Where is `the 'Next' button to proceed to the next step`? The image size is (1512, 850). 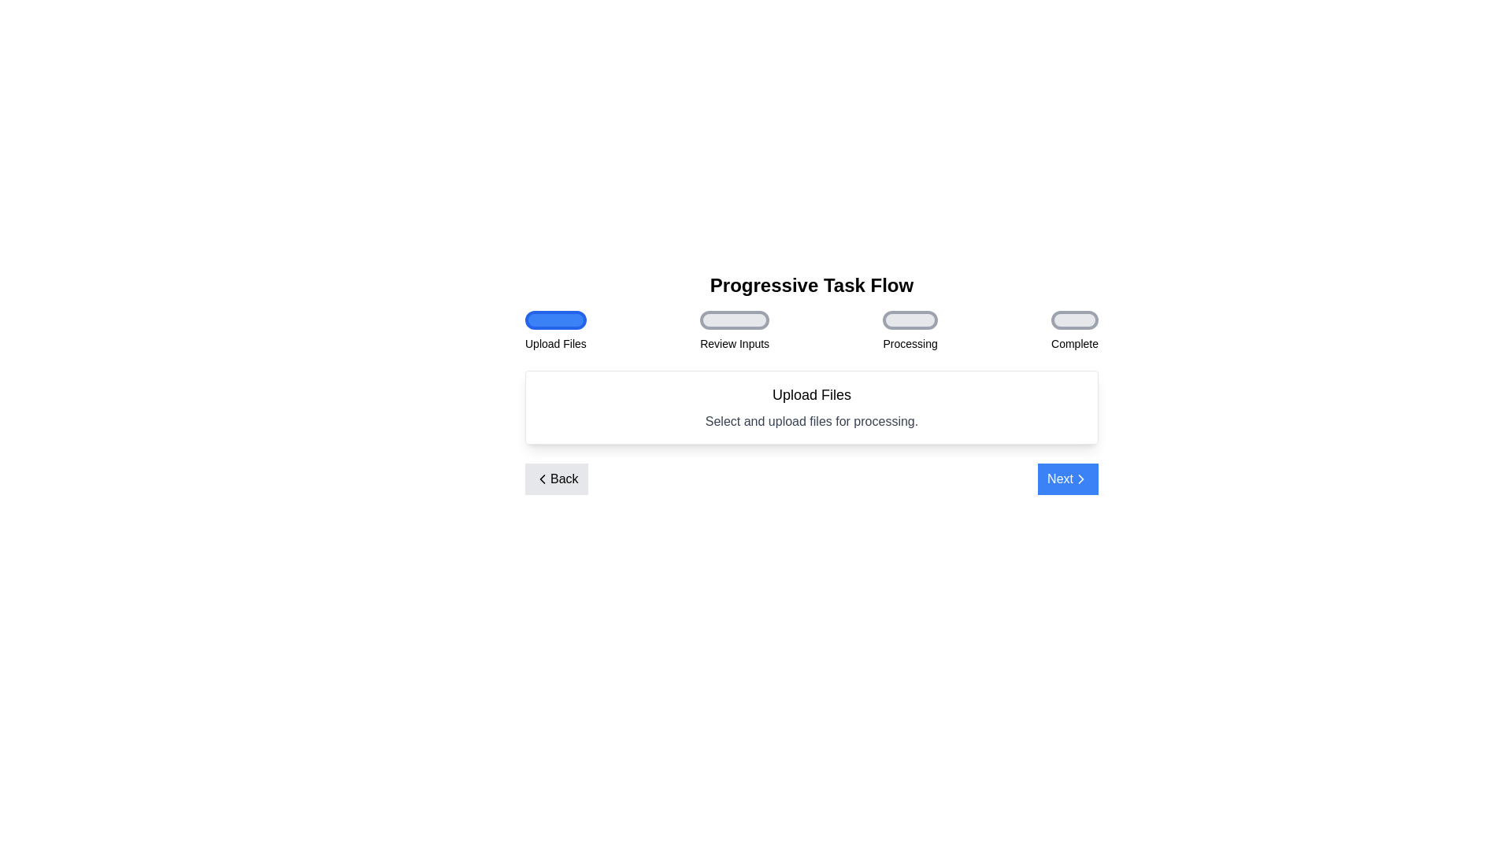 the 'Next' button to proceed to the next step is located at coordinates (1068, 479).